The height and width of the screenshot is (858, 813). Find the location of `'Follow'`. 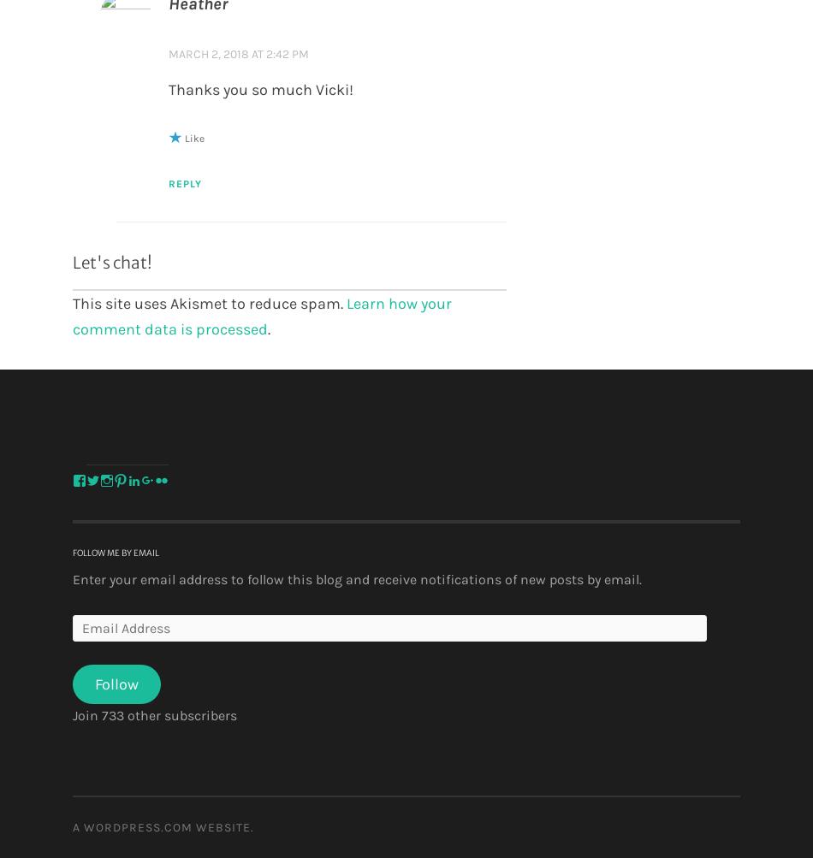

'Follow' is located at coordinates (94, 683).